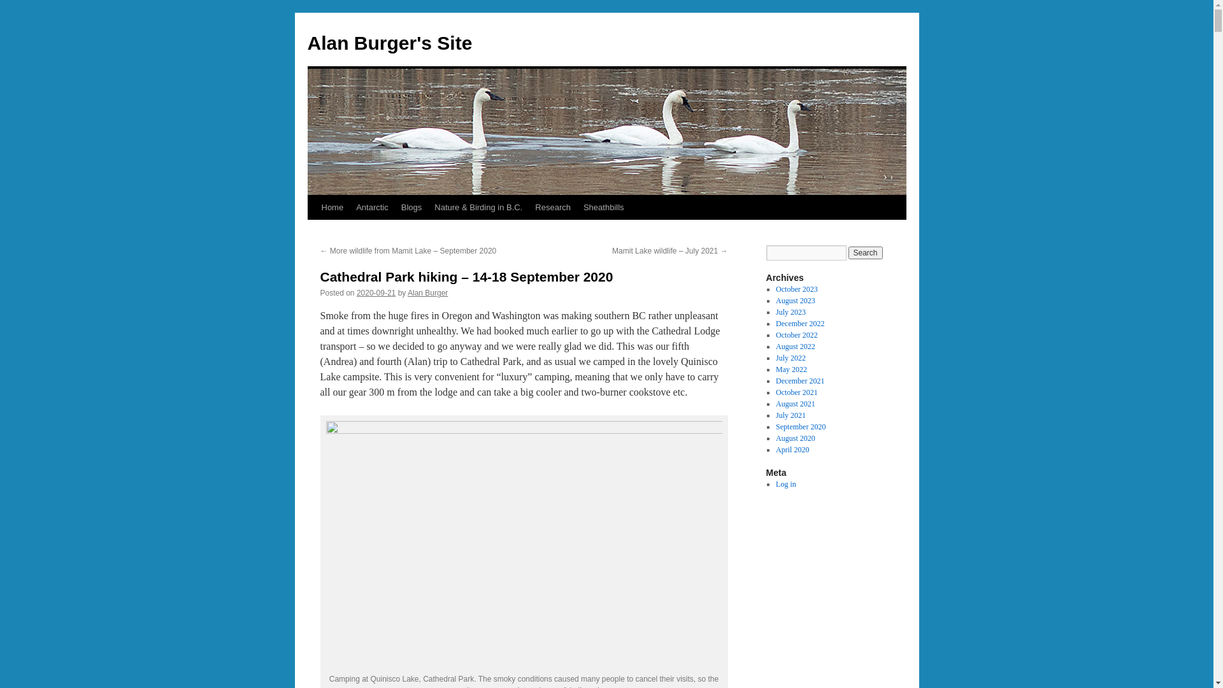 This screenshot has width=1223, height=688. Describe the element at coordinates (800, 427) in the screenshot. I see `'September 2020'` at that location.